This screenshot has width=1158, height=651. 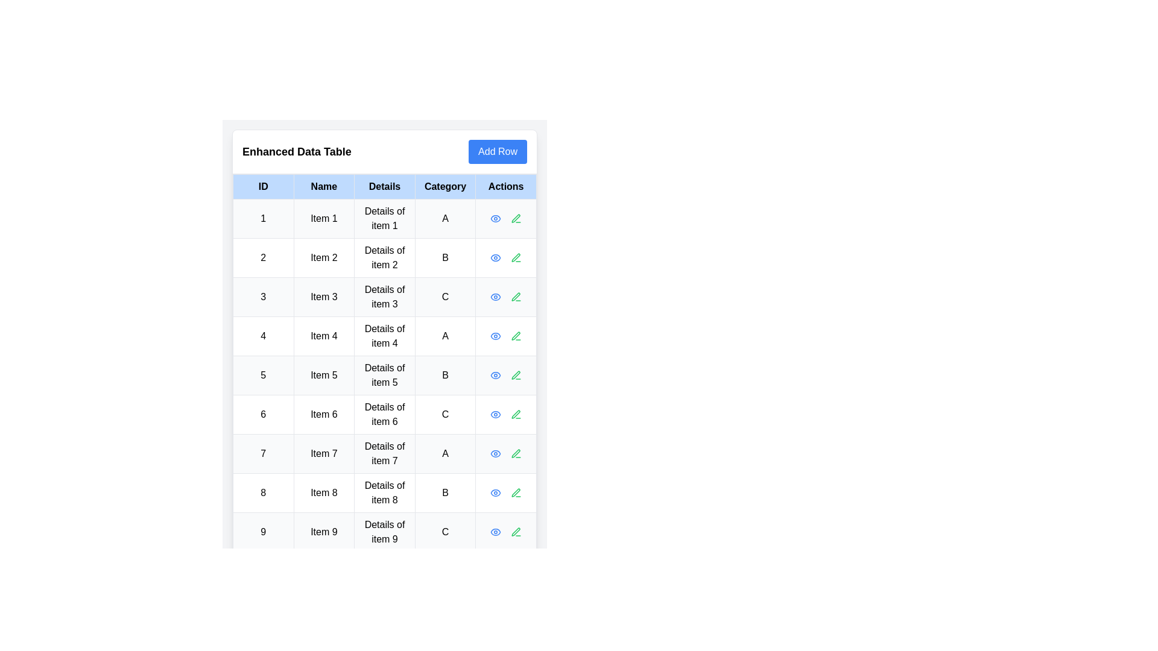 I want to click on the blue eye icon located in the 'Actions' column under 'Item 9', so click(x=496, y=532).